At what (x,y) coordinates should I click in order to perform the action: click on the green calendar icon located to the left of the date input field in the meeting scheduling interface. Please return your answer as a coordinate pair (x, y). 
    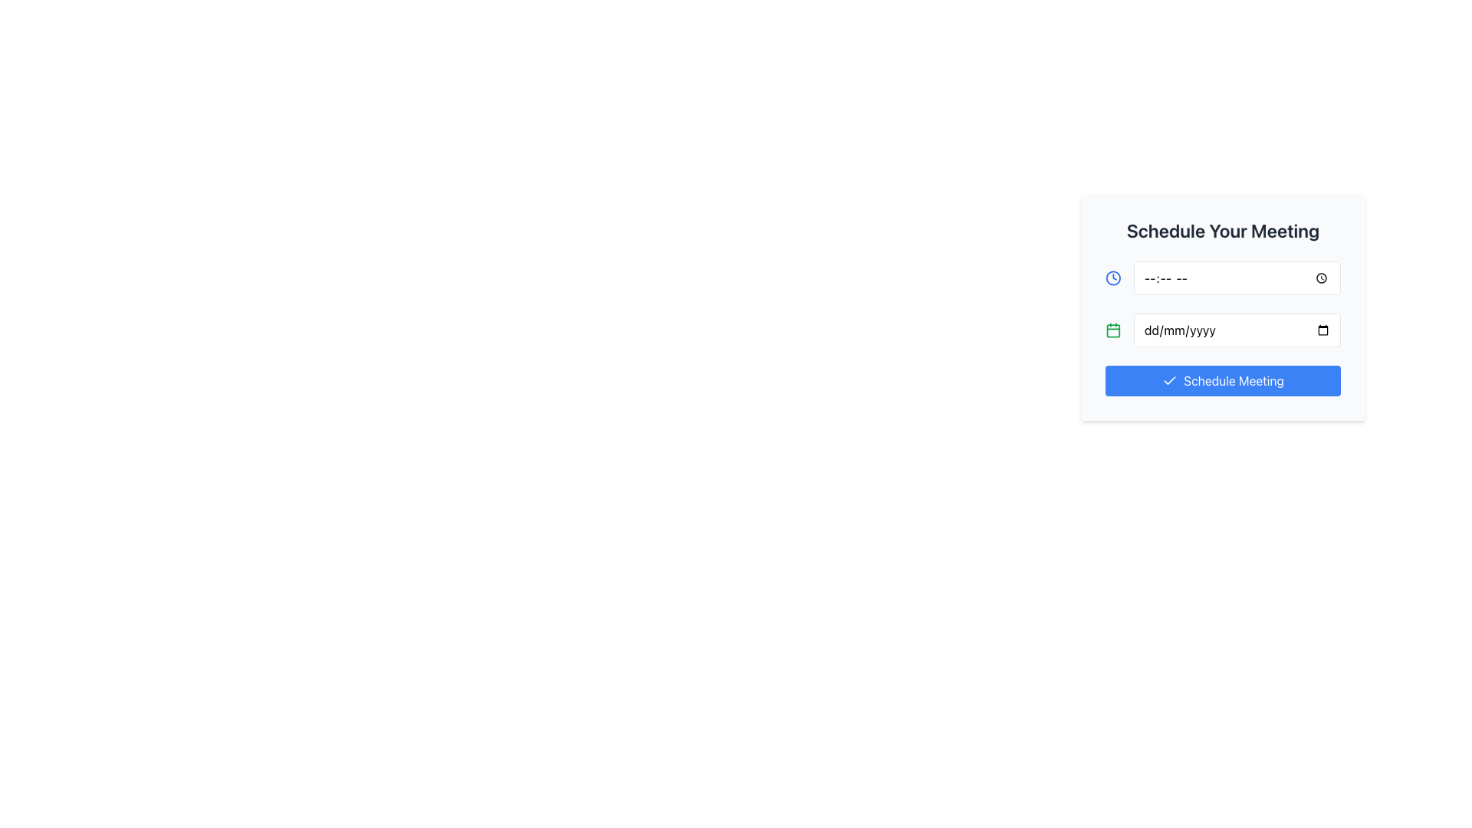
    Looking at the image, I should click on (1113, 330).